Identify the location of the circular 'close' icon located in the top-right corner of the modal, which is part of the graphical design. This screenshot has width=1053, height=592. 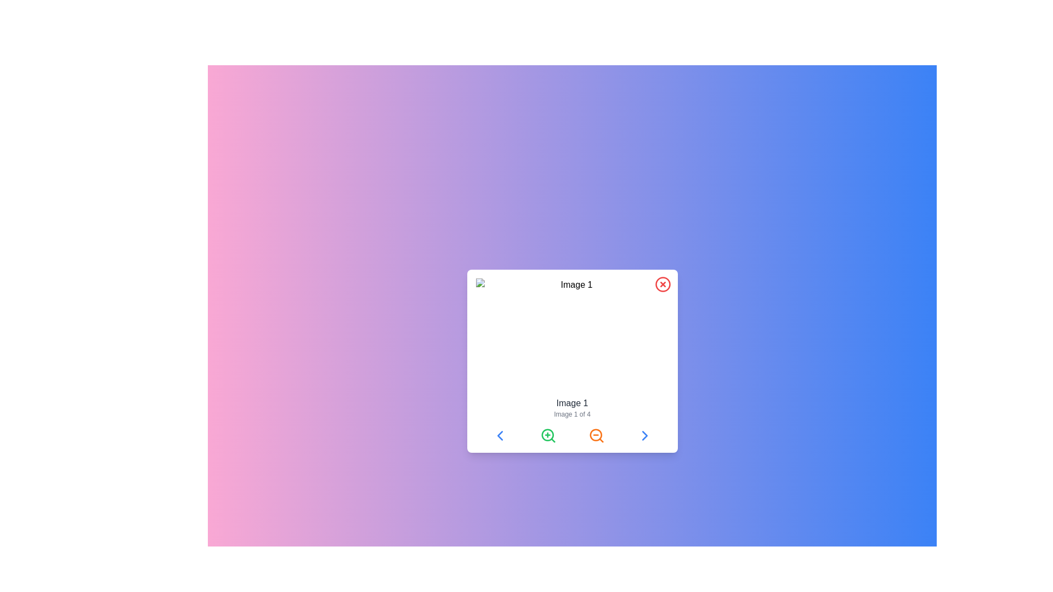
(662, 284).